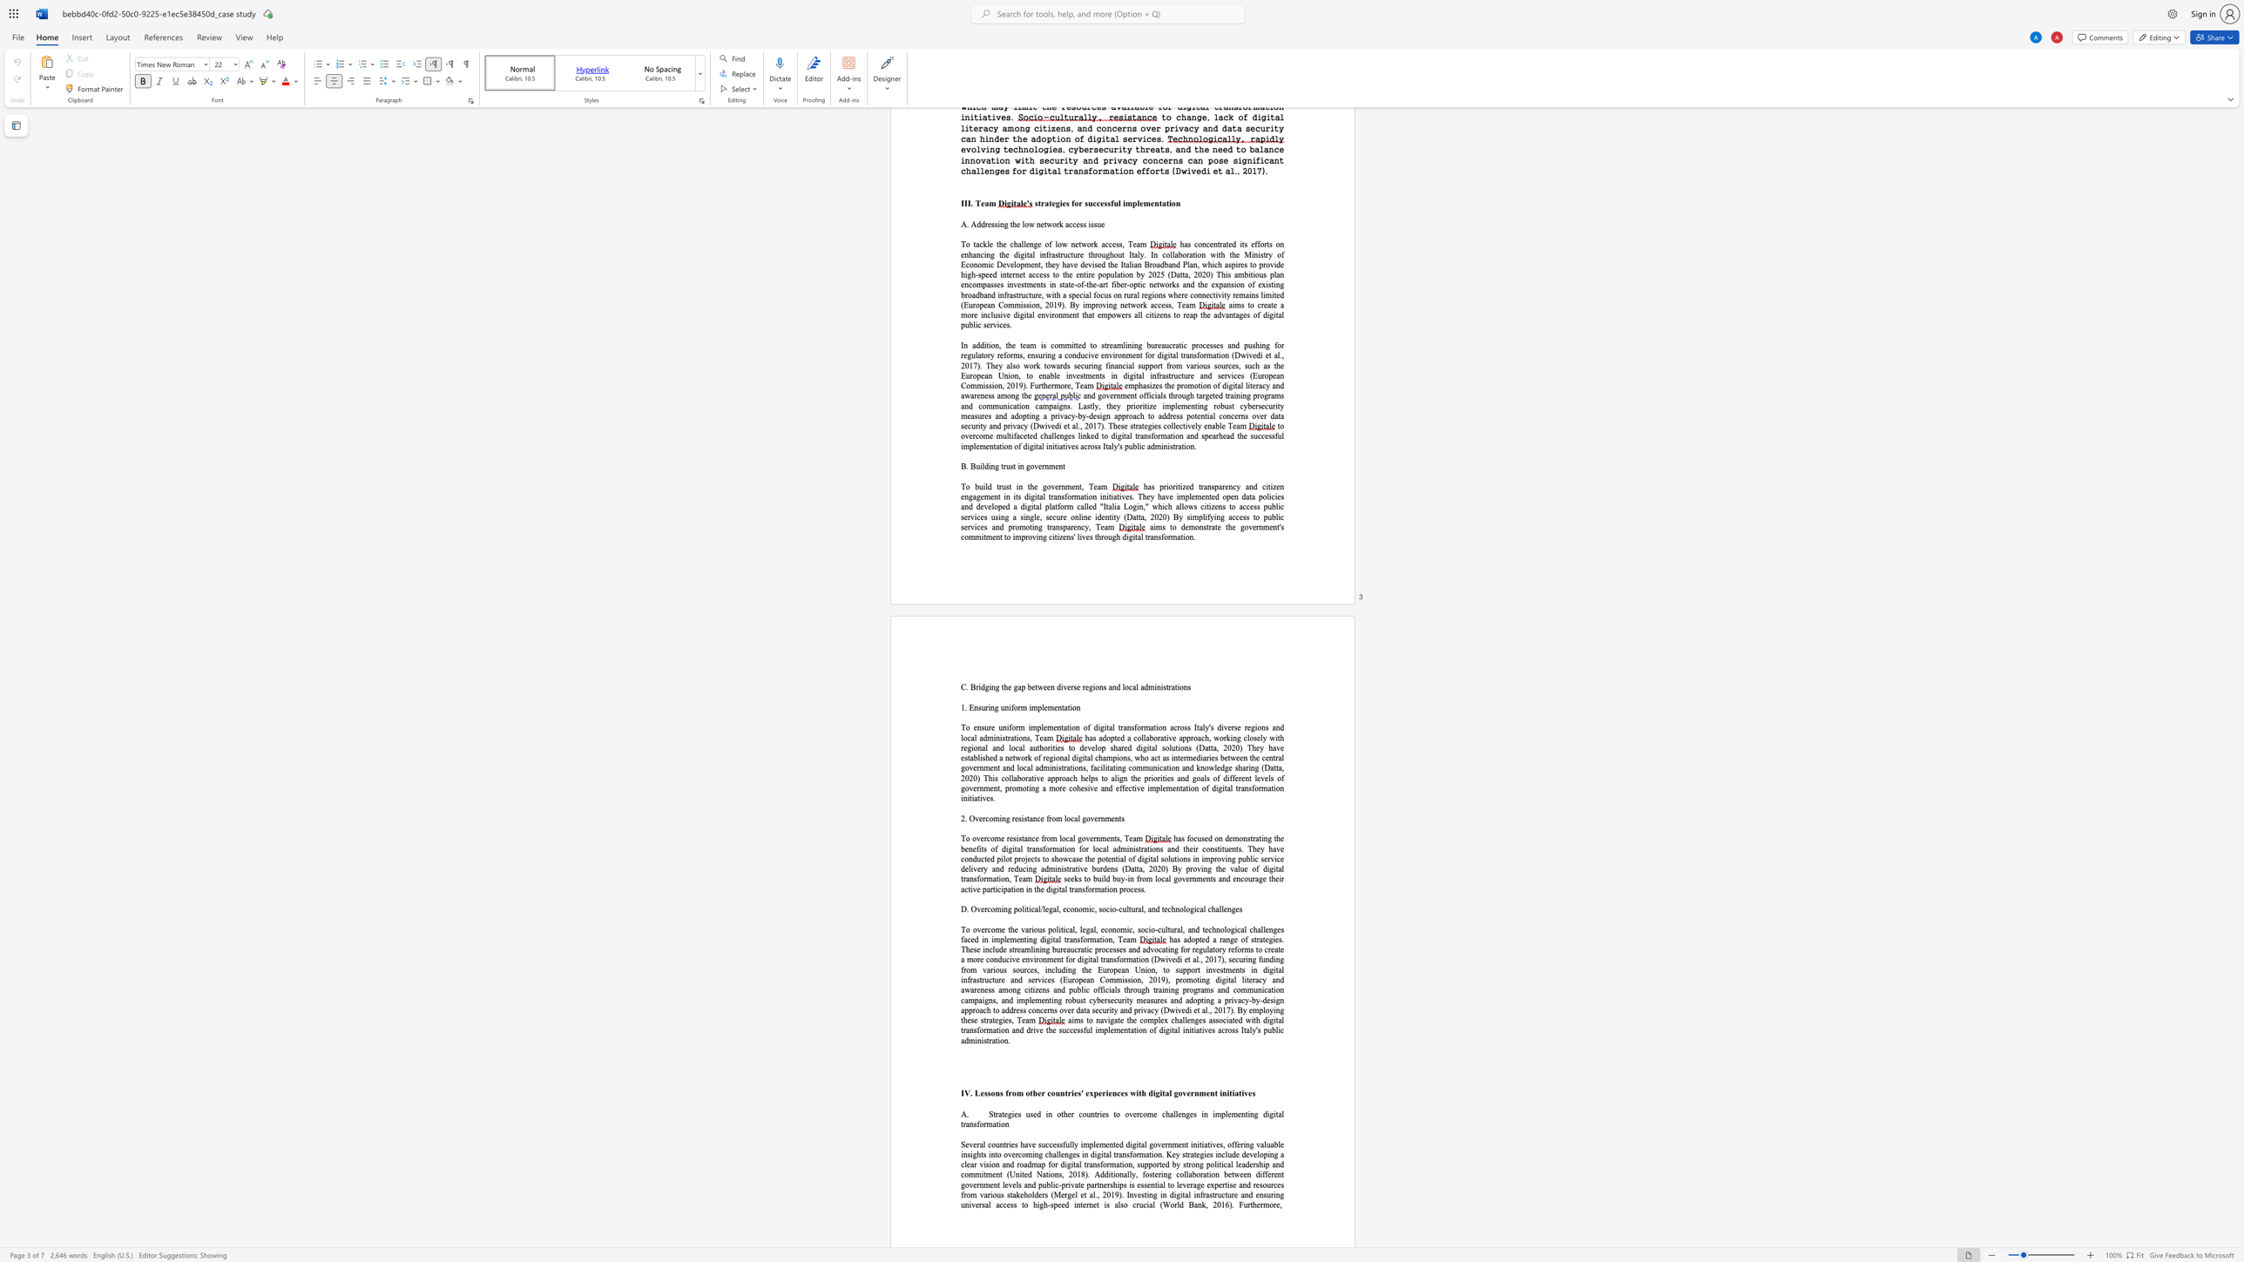 This screenshot has height=1262, width=2244. I want to click on the subset text "other co" within the text "IV. Lessons from other countries", so click(1024, 1092).